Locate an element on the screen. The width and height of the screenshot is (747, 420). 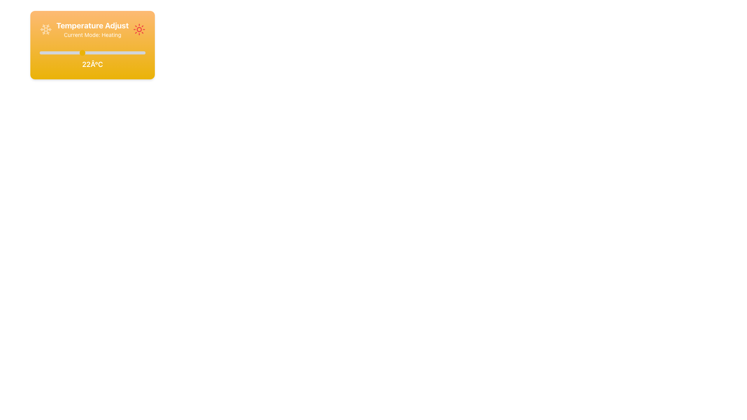
the Label / Text Display that shows '22°C', which is centrally aligned below the slider element and styled with white text on a vibrant yellow-orange gradient background is located at coordinates (93, 60).